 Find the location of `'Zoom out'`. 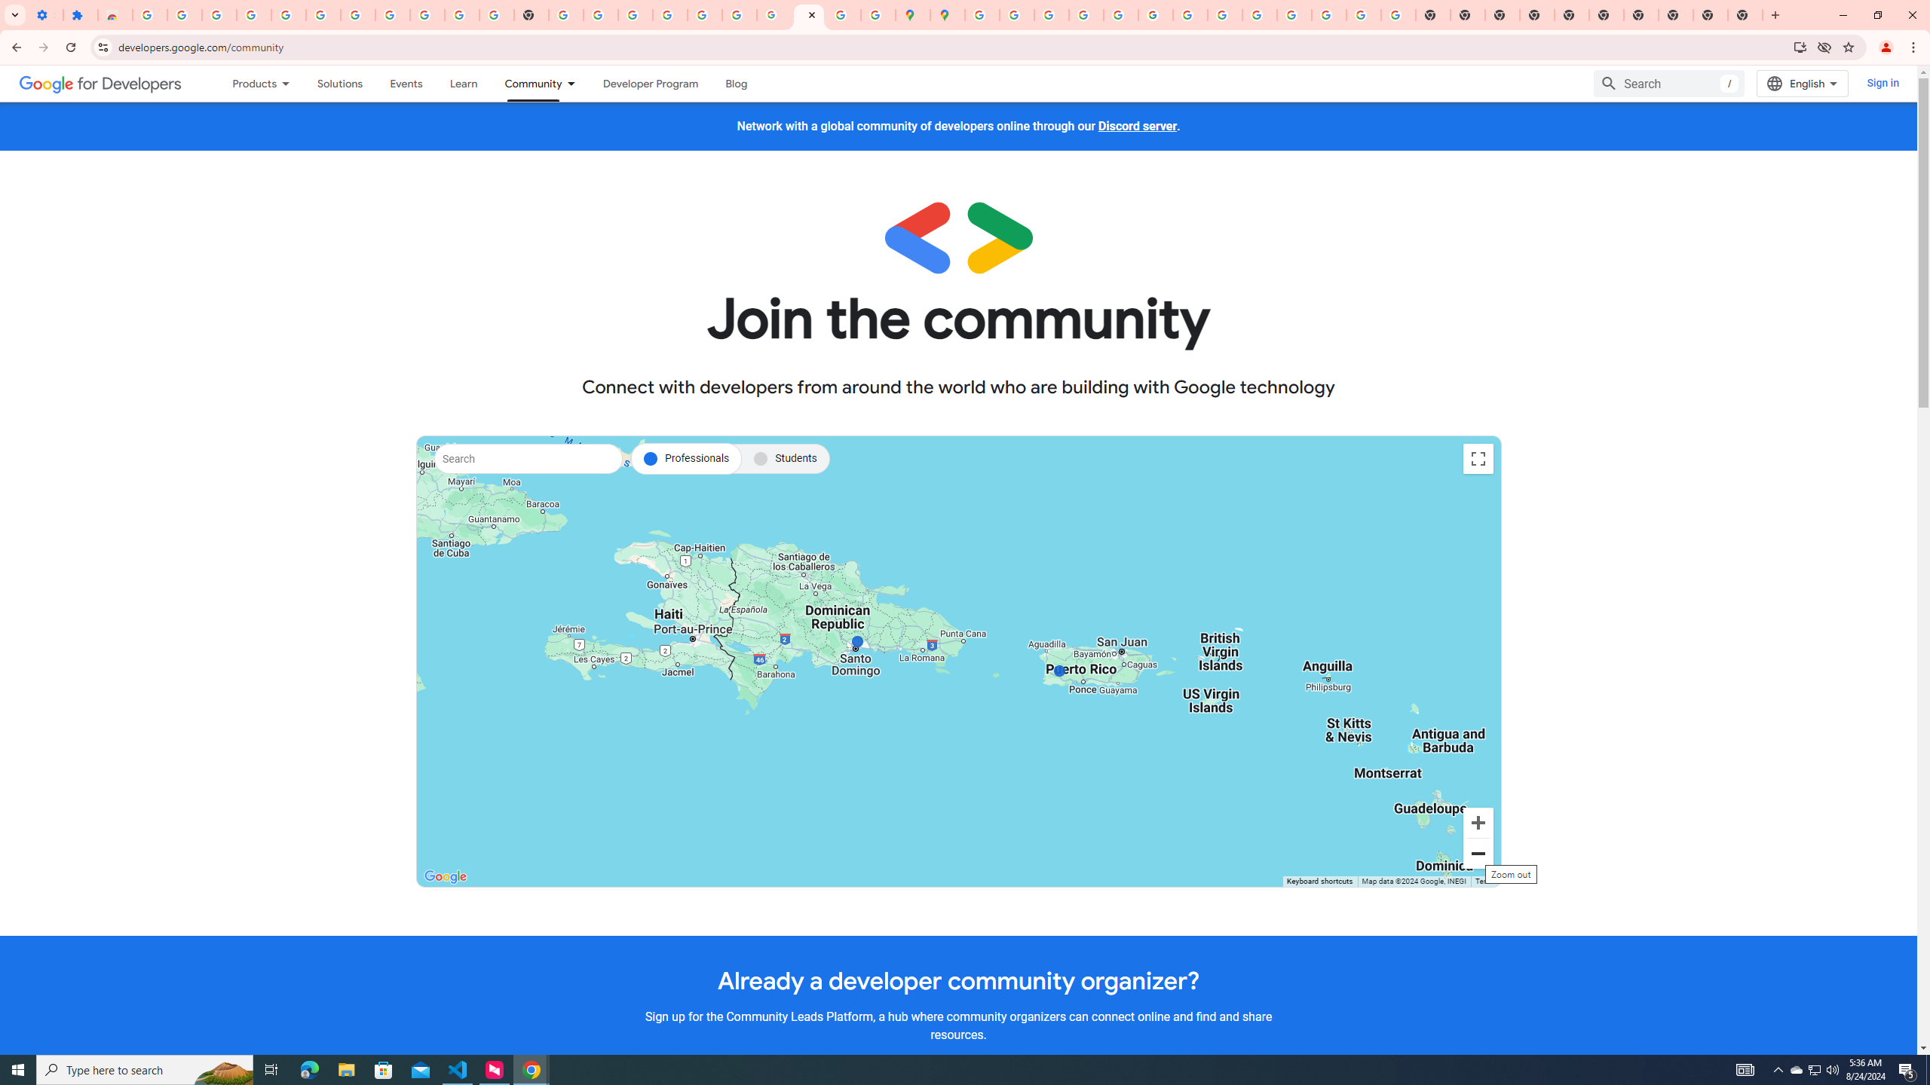

'Zoom out' is located at coordinates (1478, 854).